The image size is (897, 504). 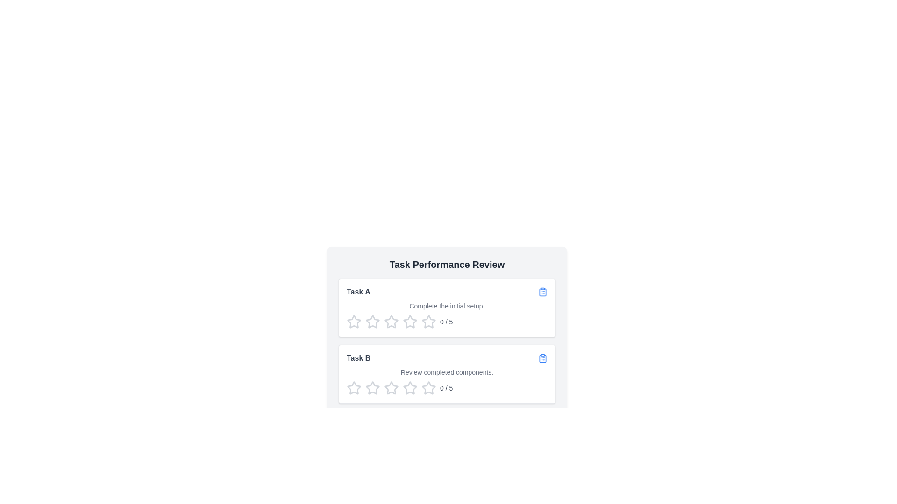 What do you see at coordinates (392, 321) in the screenshot?
I see `the second rating star icon in the 'Task A' section of the 'Task Performance Review' panel` at bounding box center [392, 321].